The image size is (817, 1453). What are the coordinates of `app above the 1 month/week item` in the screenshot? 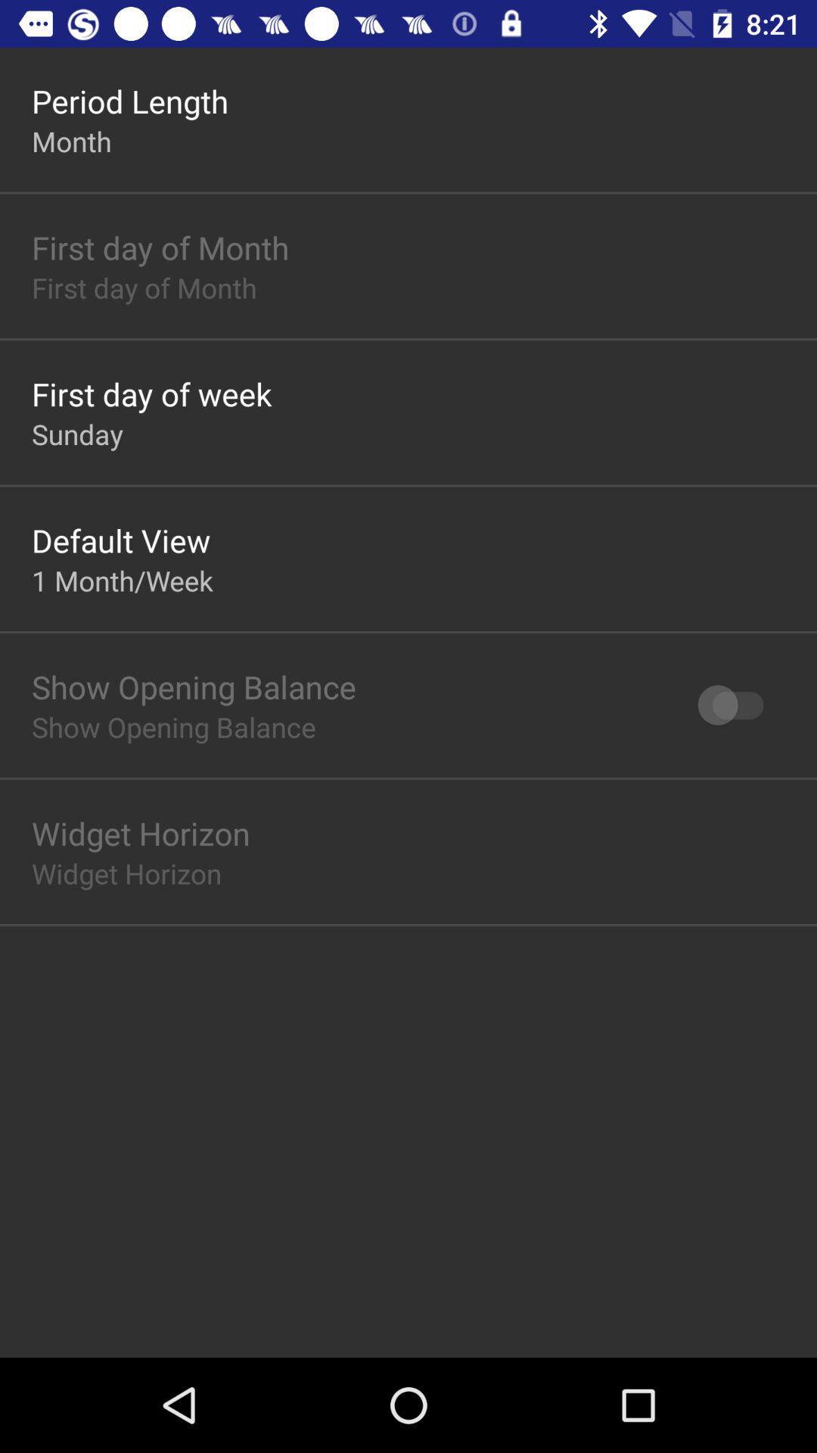 It's located at (120, 540).